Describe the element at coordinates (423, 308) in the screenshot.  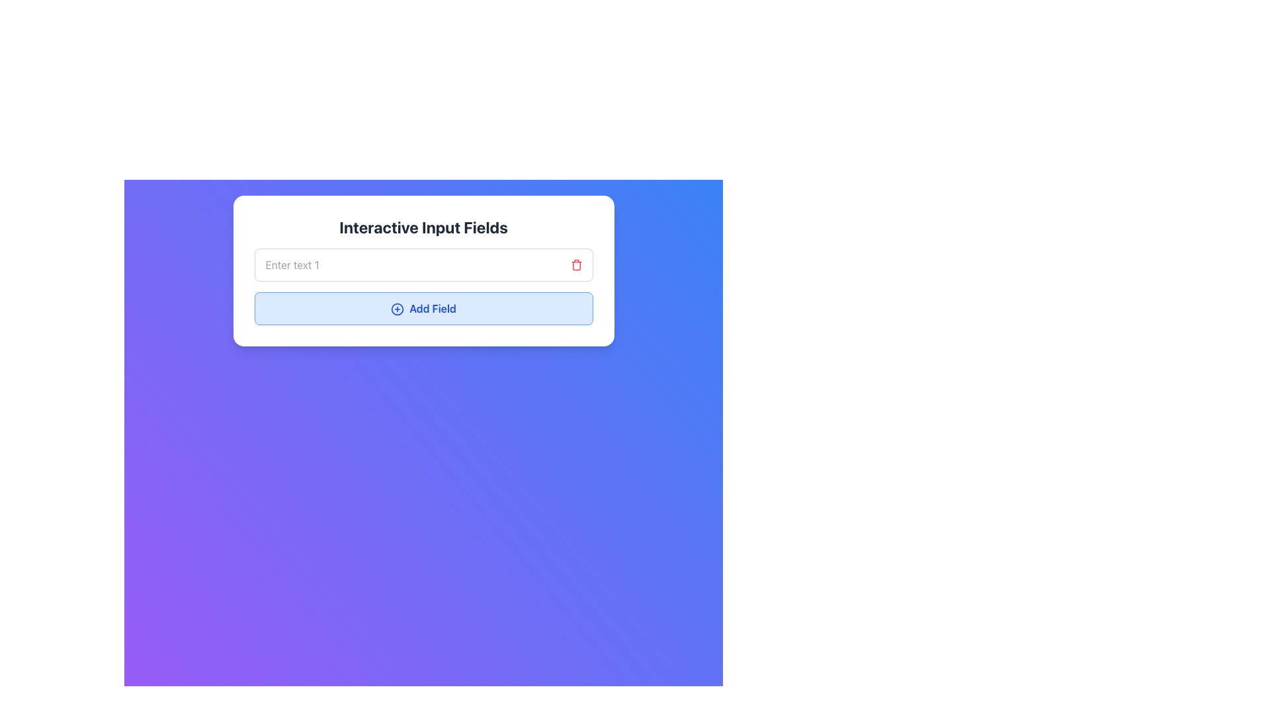
I see `the 'Add Field' button, which is a rectangular button with a light blue background and a plus sign icon, located under the 'Interactive Input Fields' heading` at that location.